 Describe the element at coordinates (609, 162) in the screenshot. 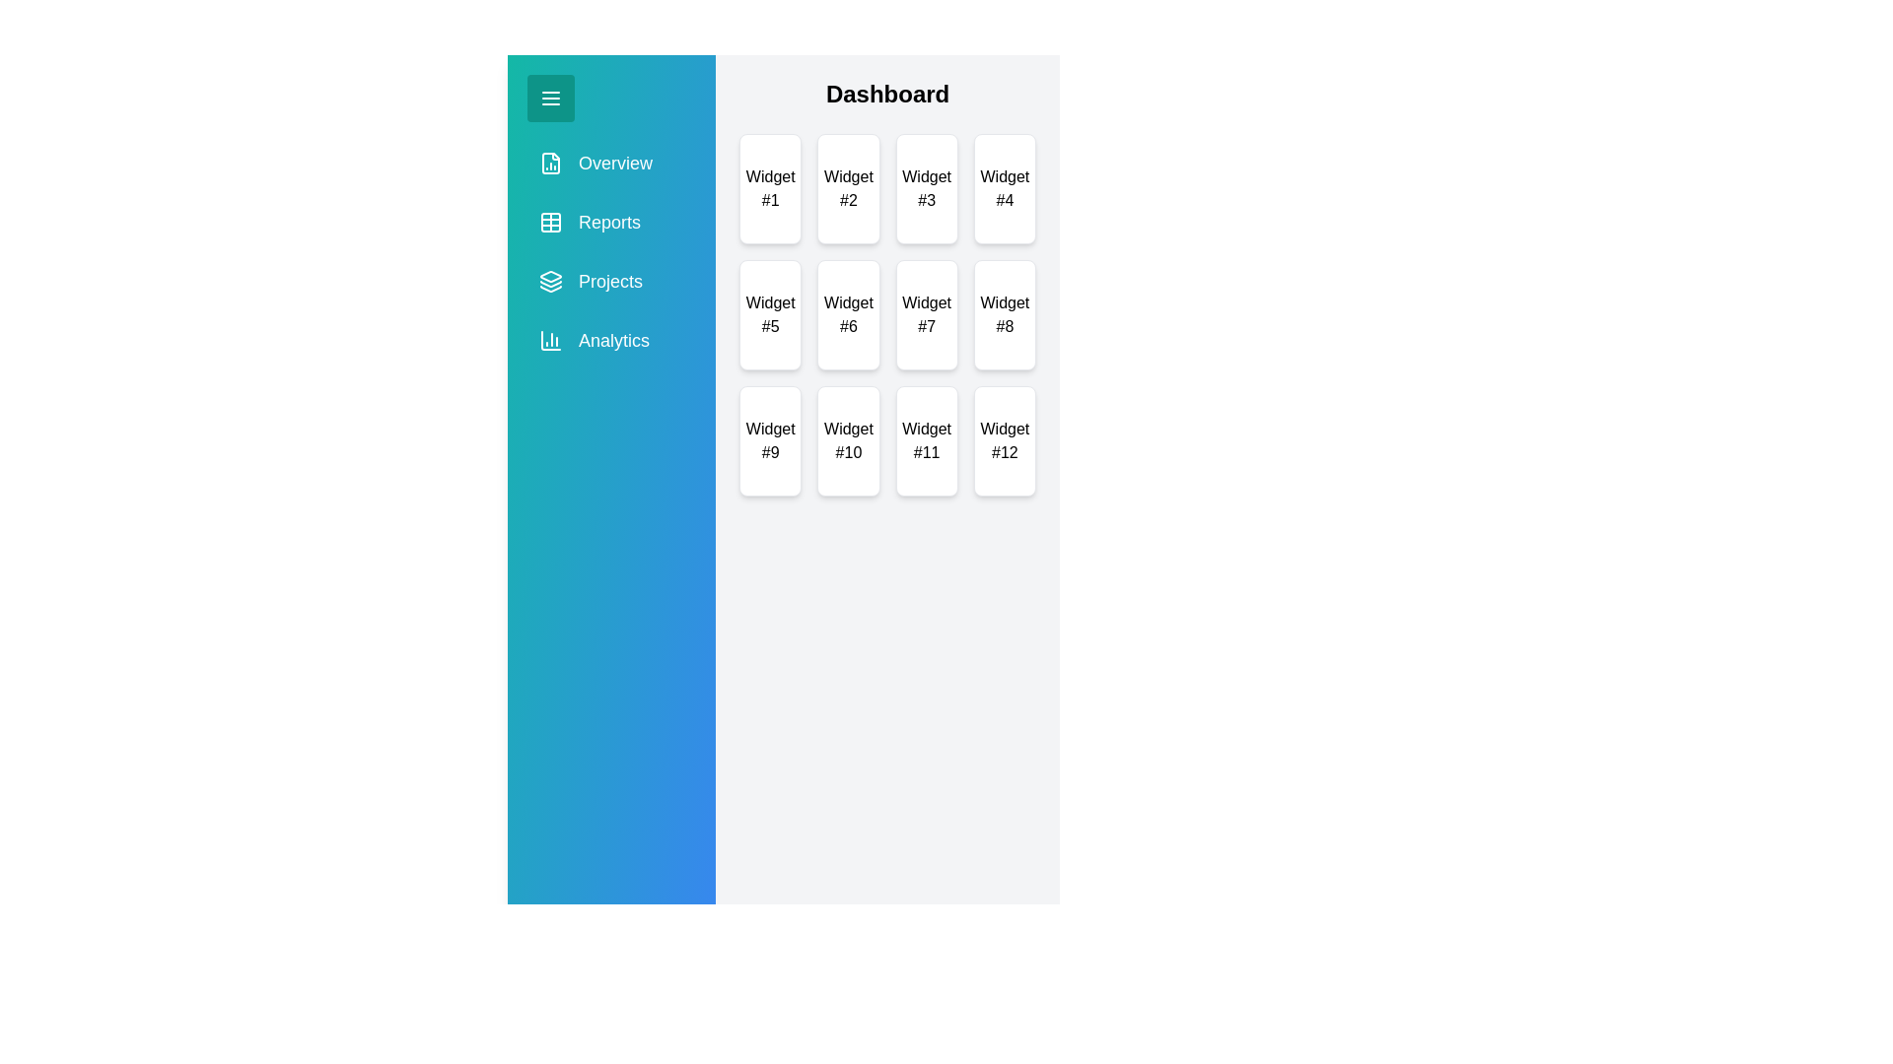

I see `the menu item labeled Overview in the sidebar` at that location.